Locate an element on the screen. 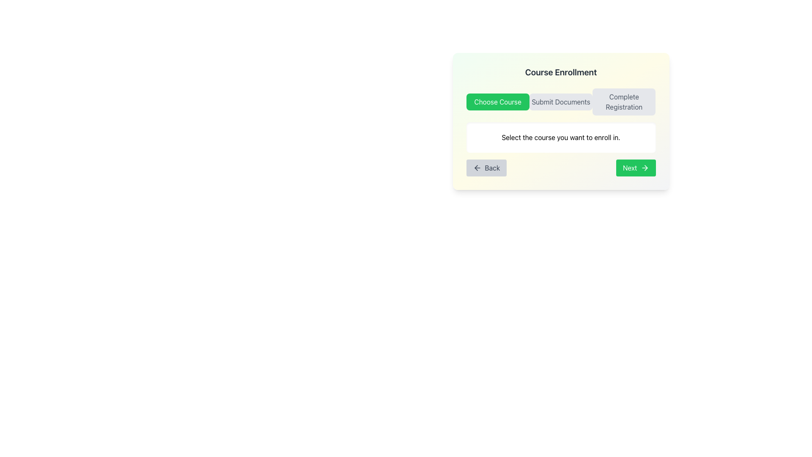 The image size is (812, 457). the forward arrow icon located to the right of the 'Next' text within the green 'Next' button in the bottom-right corner of the form is located at coordinates (644, 168).